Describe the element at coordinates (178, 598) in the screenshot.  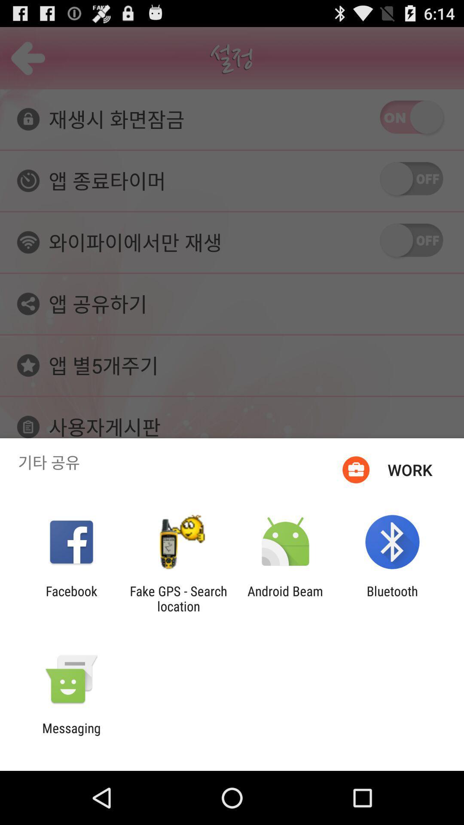
I see `the app to the right of the facebook item` at that location.